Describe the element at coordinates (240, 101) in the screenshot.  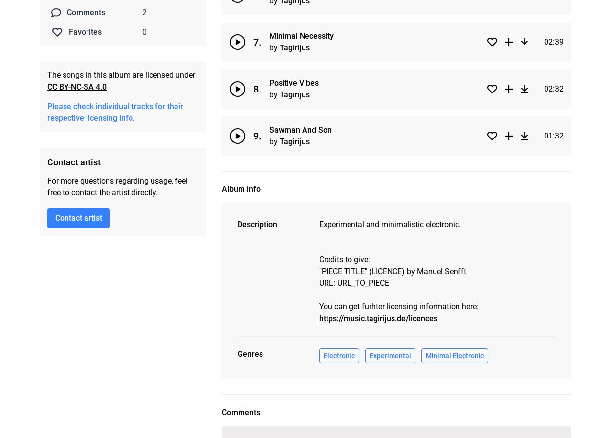
I see `'Comments'` at that location.